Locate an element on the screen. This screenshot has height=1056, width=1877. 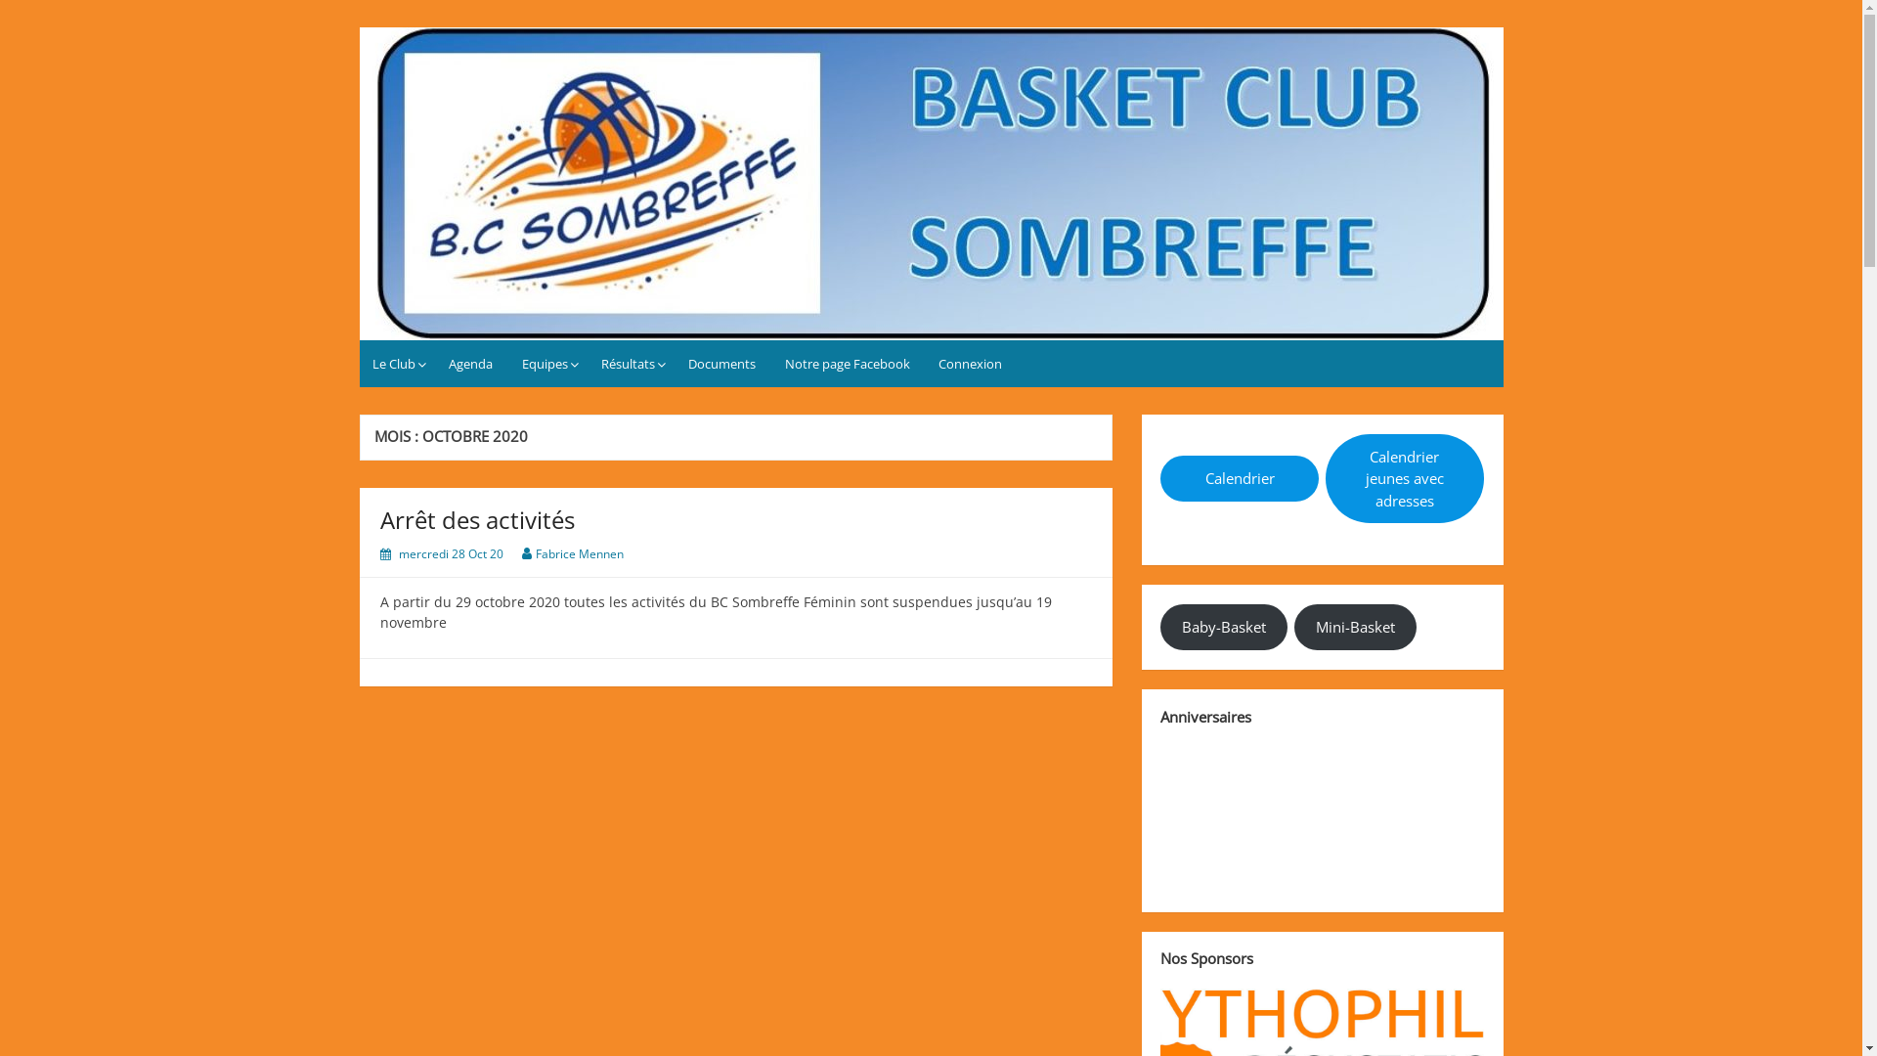
'Basket Club Sombreffe' is located at coordinates (510, 44).